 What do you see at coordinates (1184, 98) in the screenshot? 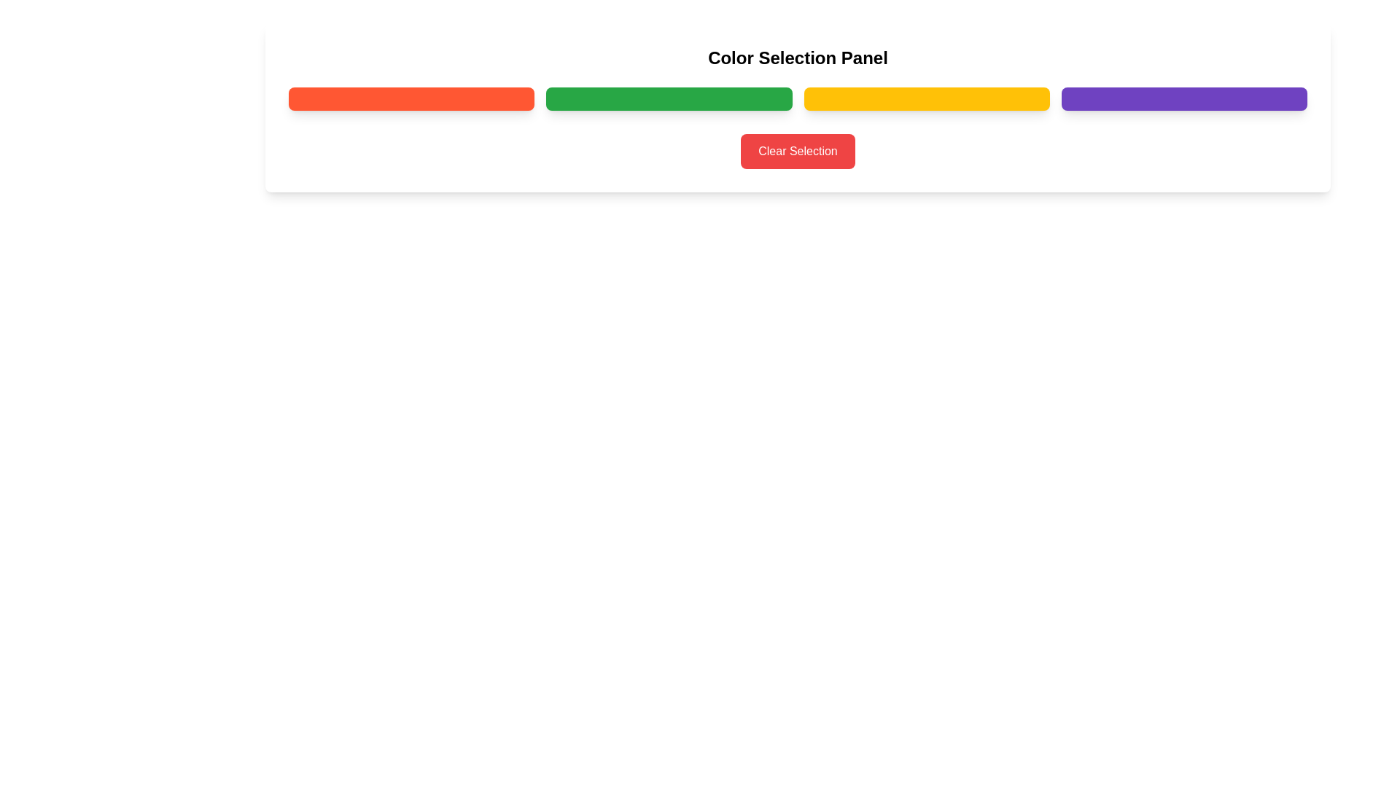
I see `the fourth purple rectangular Selectable Color Block with rounded corners` at bounding box center [1184, 98].